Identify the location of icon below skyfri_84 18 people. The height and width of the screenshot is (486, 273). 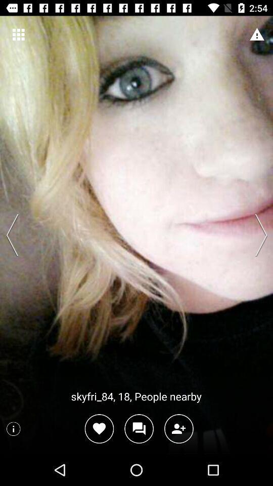
(139, 428).